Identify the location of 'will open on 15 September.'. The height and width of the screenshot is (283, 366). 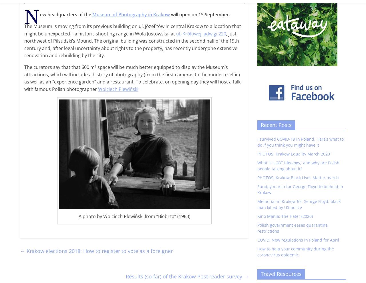
(200, 14).